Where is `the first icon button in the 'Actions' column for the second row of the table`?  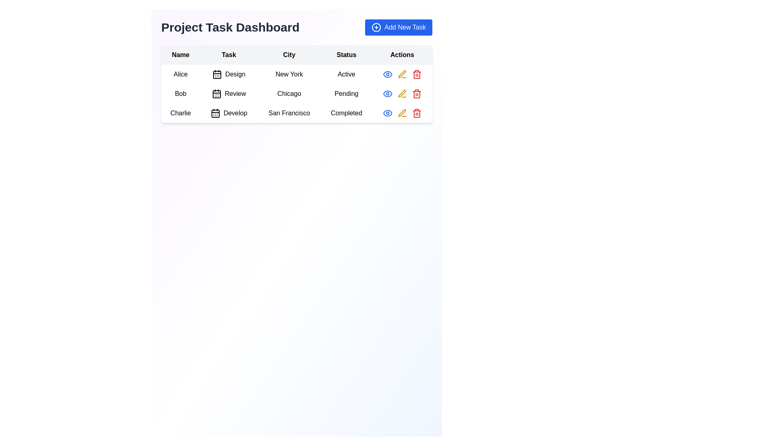
the first icon button in the 'Actions' column for the second row of the table is located at coordinates (387, 74).